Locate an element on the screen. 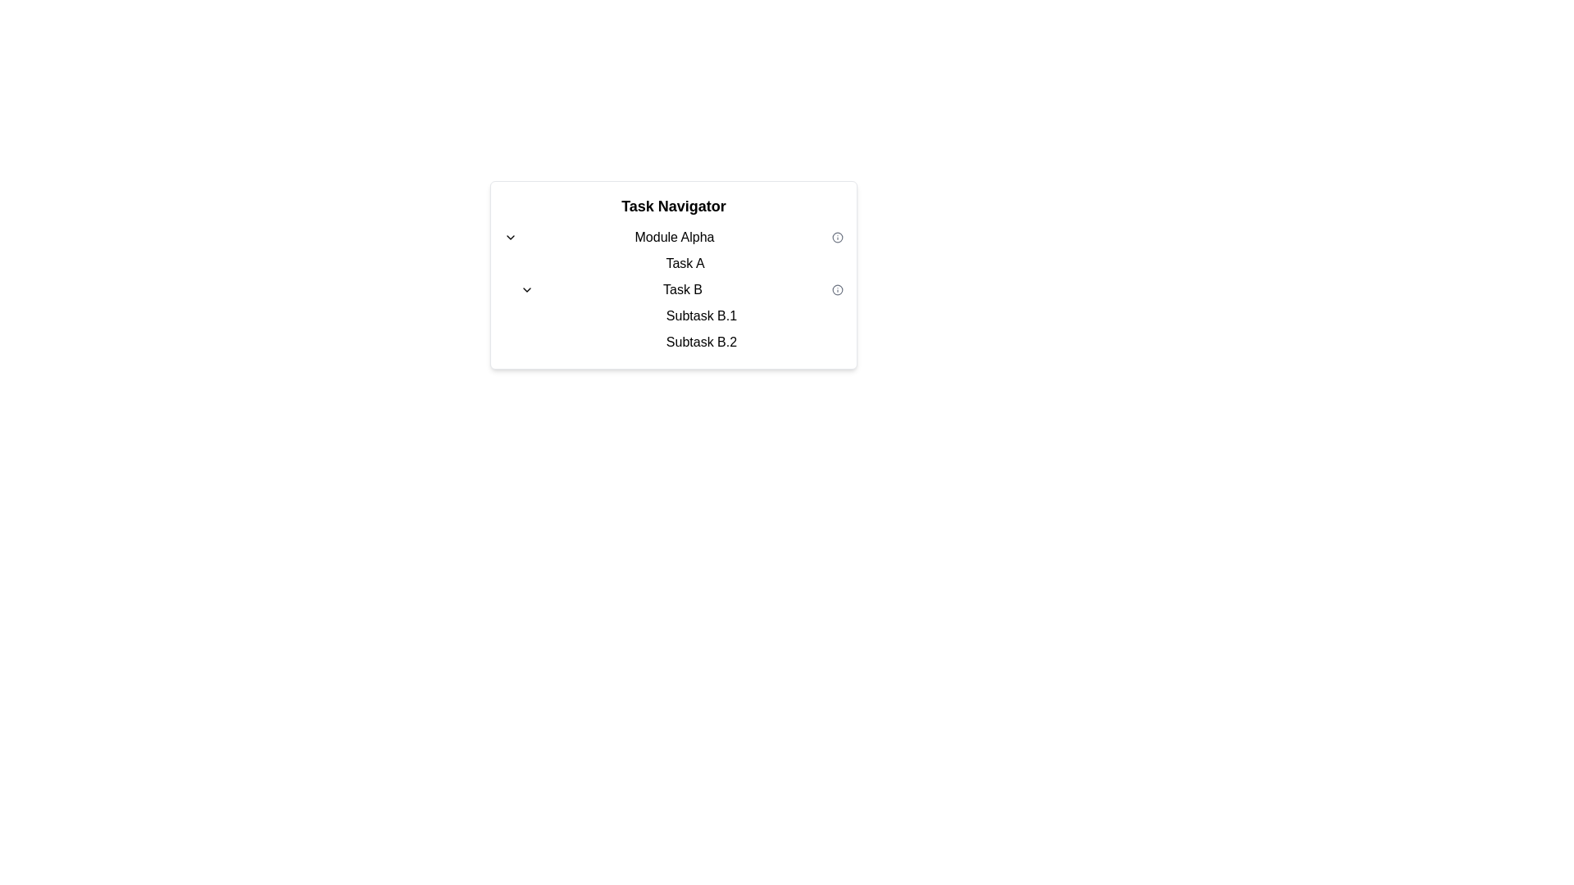 This screenshot has height=885, width=1574. the collapsible chevron icon next to 'Task B' in the Task Navigator interface is located at coordinates (527, 289).